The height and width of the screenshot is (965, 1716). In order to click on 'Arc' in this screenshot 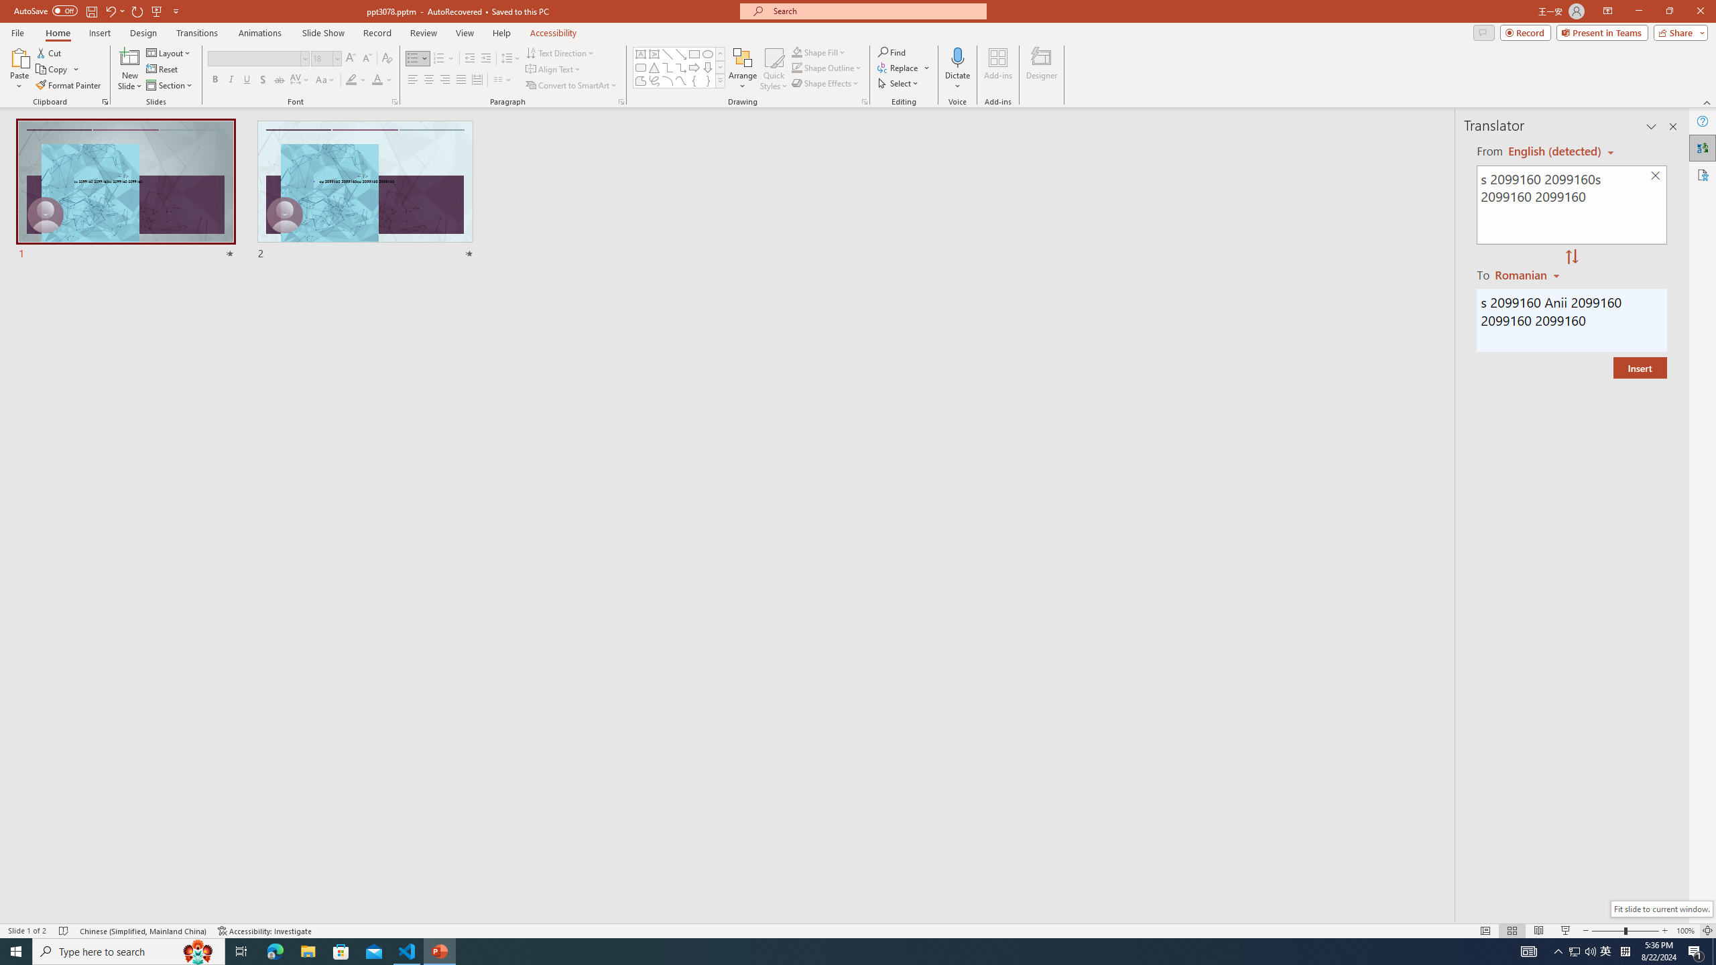, I will do `click(666, 80)`.